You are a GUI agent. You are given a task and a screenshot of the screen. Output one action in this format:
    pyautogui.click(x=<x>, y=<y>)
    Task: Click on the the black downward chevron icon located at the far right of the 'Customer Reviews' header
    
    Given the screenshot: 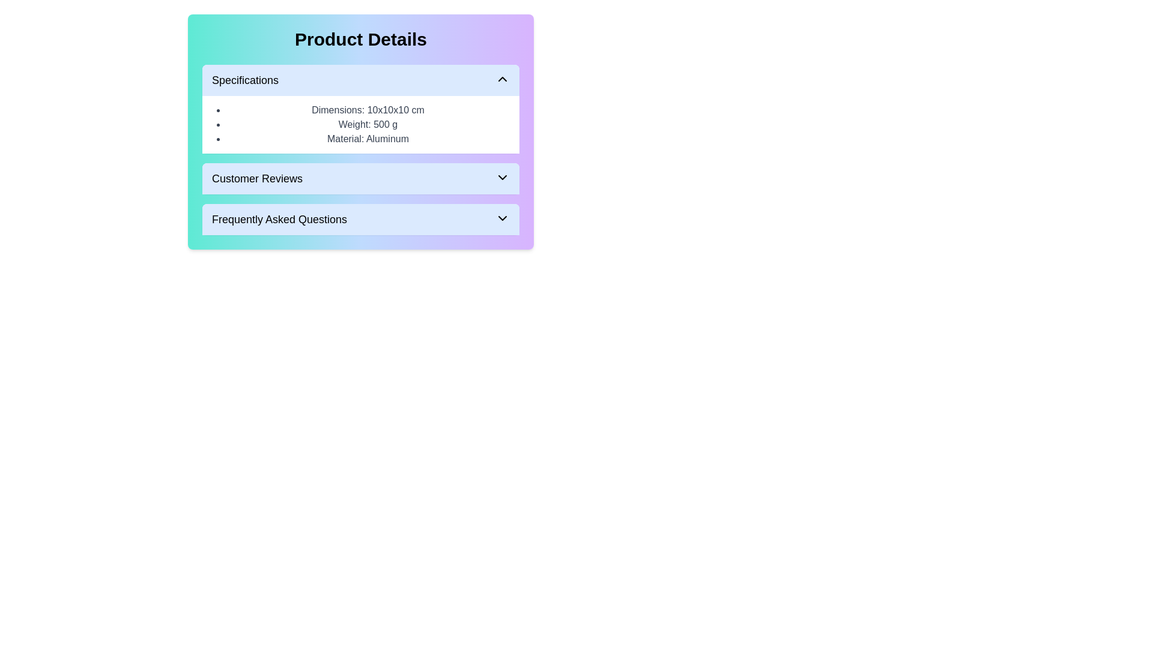 What is the action you would take?
    pyautogui.click(x=502, y=178)
    